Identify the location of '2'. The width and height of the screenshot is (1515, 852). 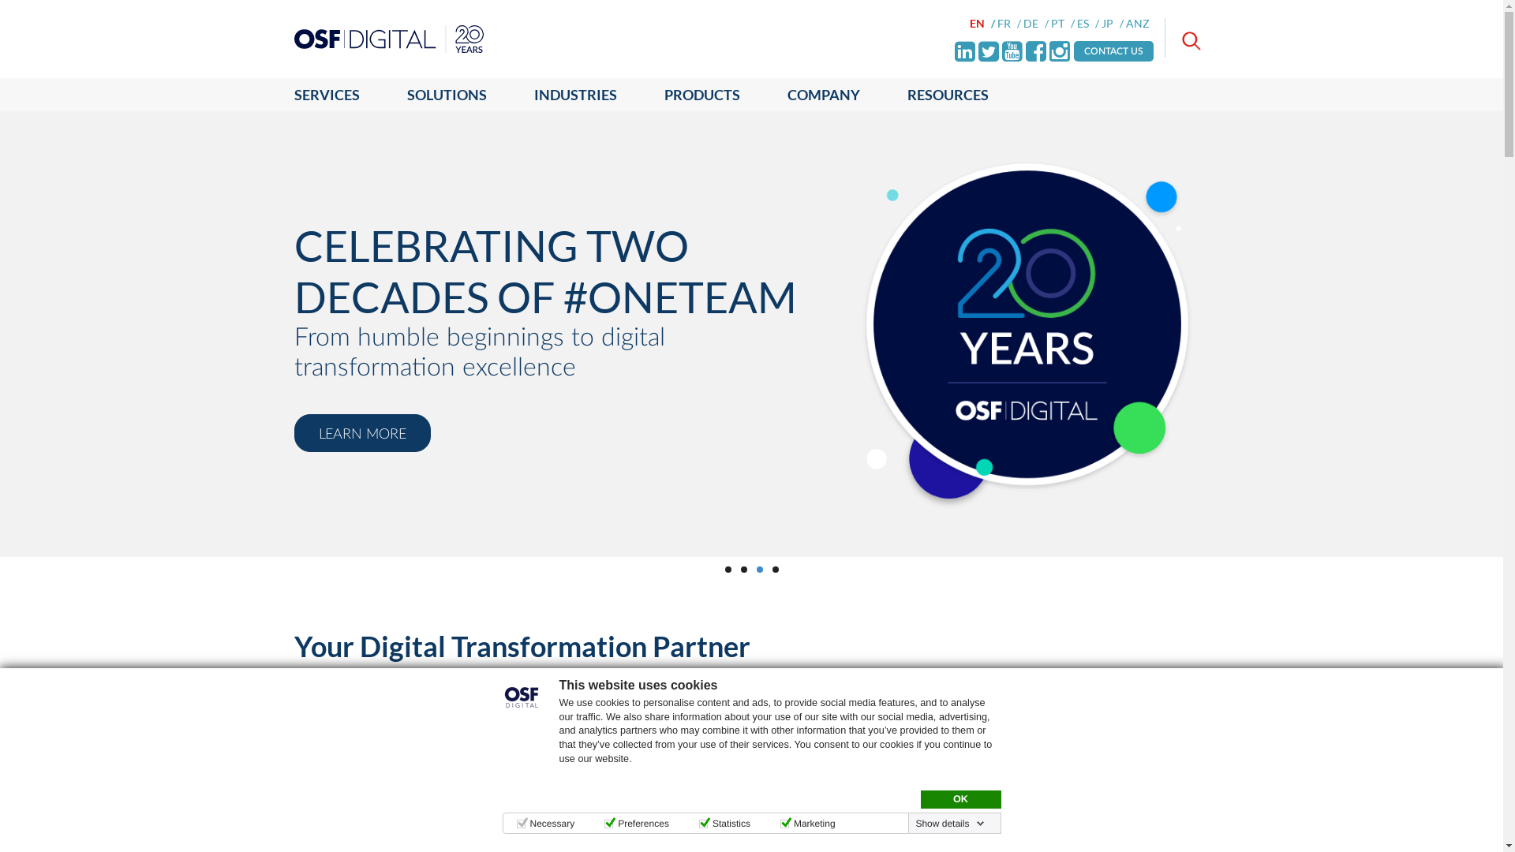
(742, 569).